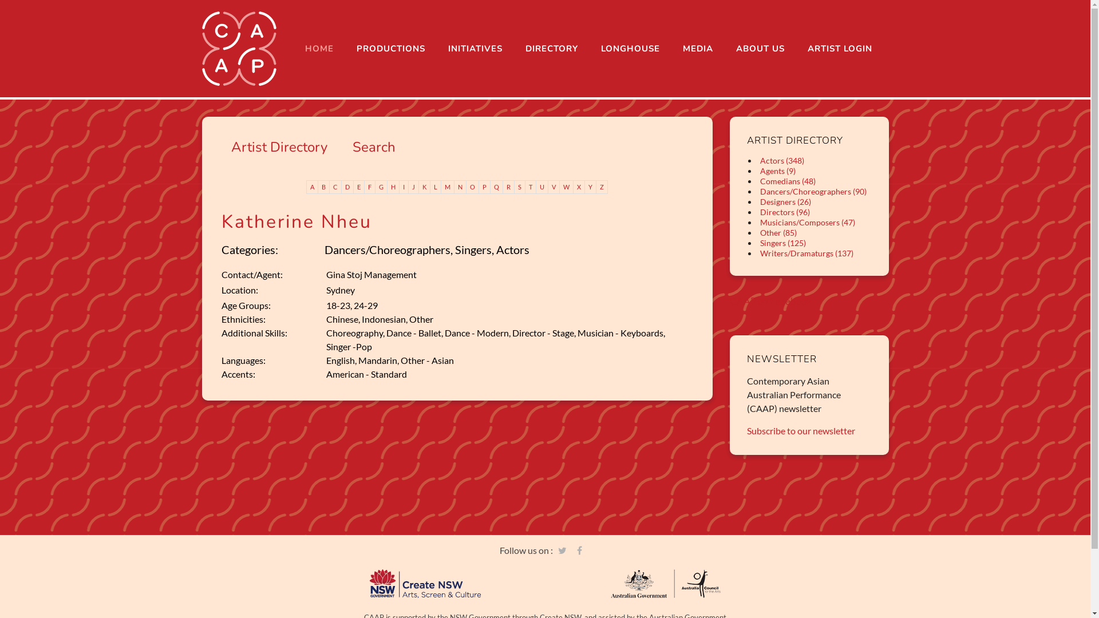 This screenshot has height=618, width=1099. Describe the element at coordinates (554, 187) in the screenshot. I see `'V'` at that location.